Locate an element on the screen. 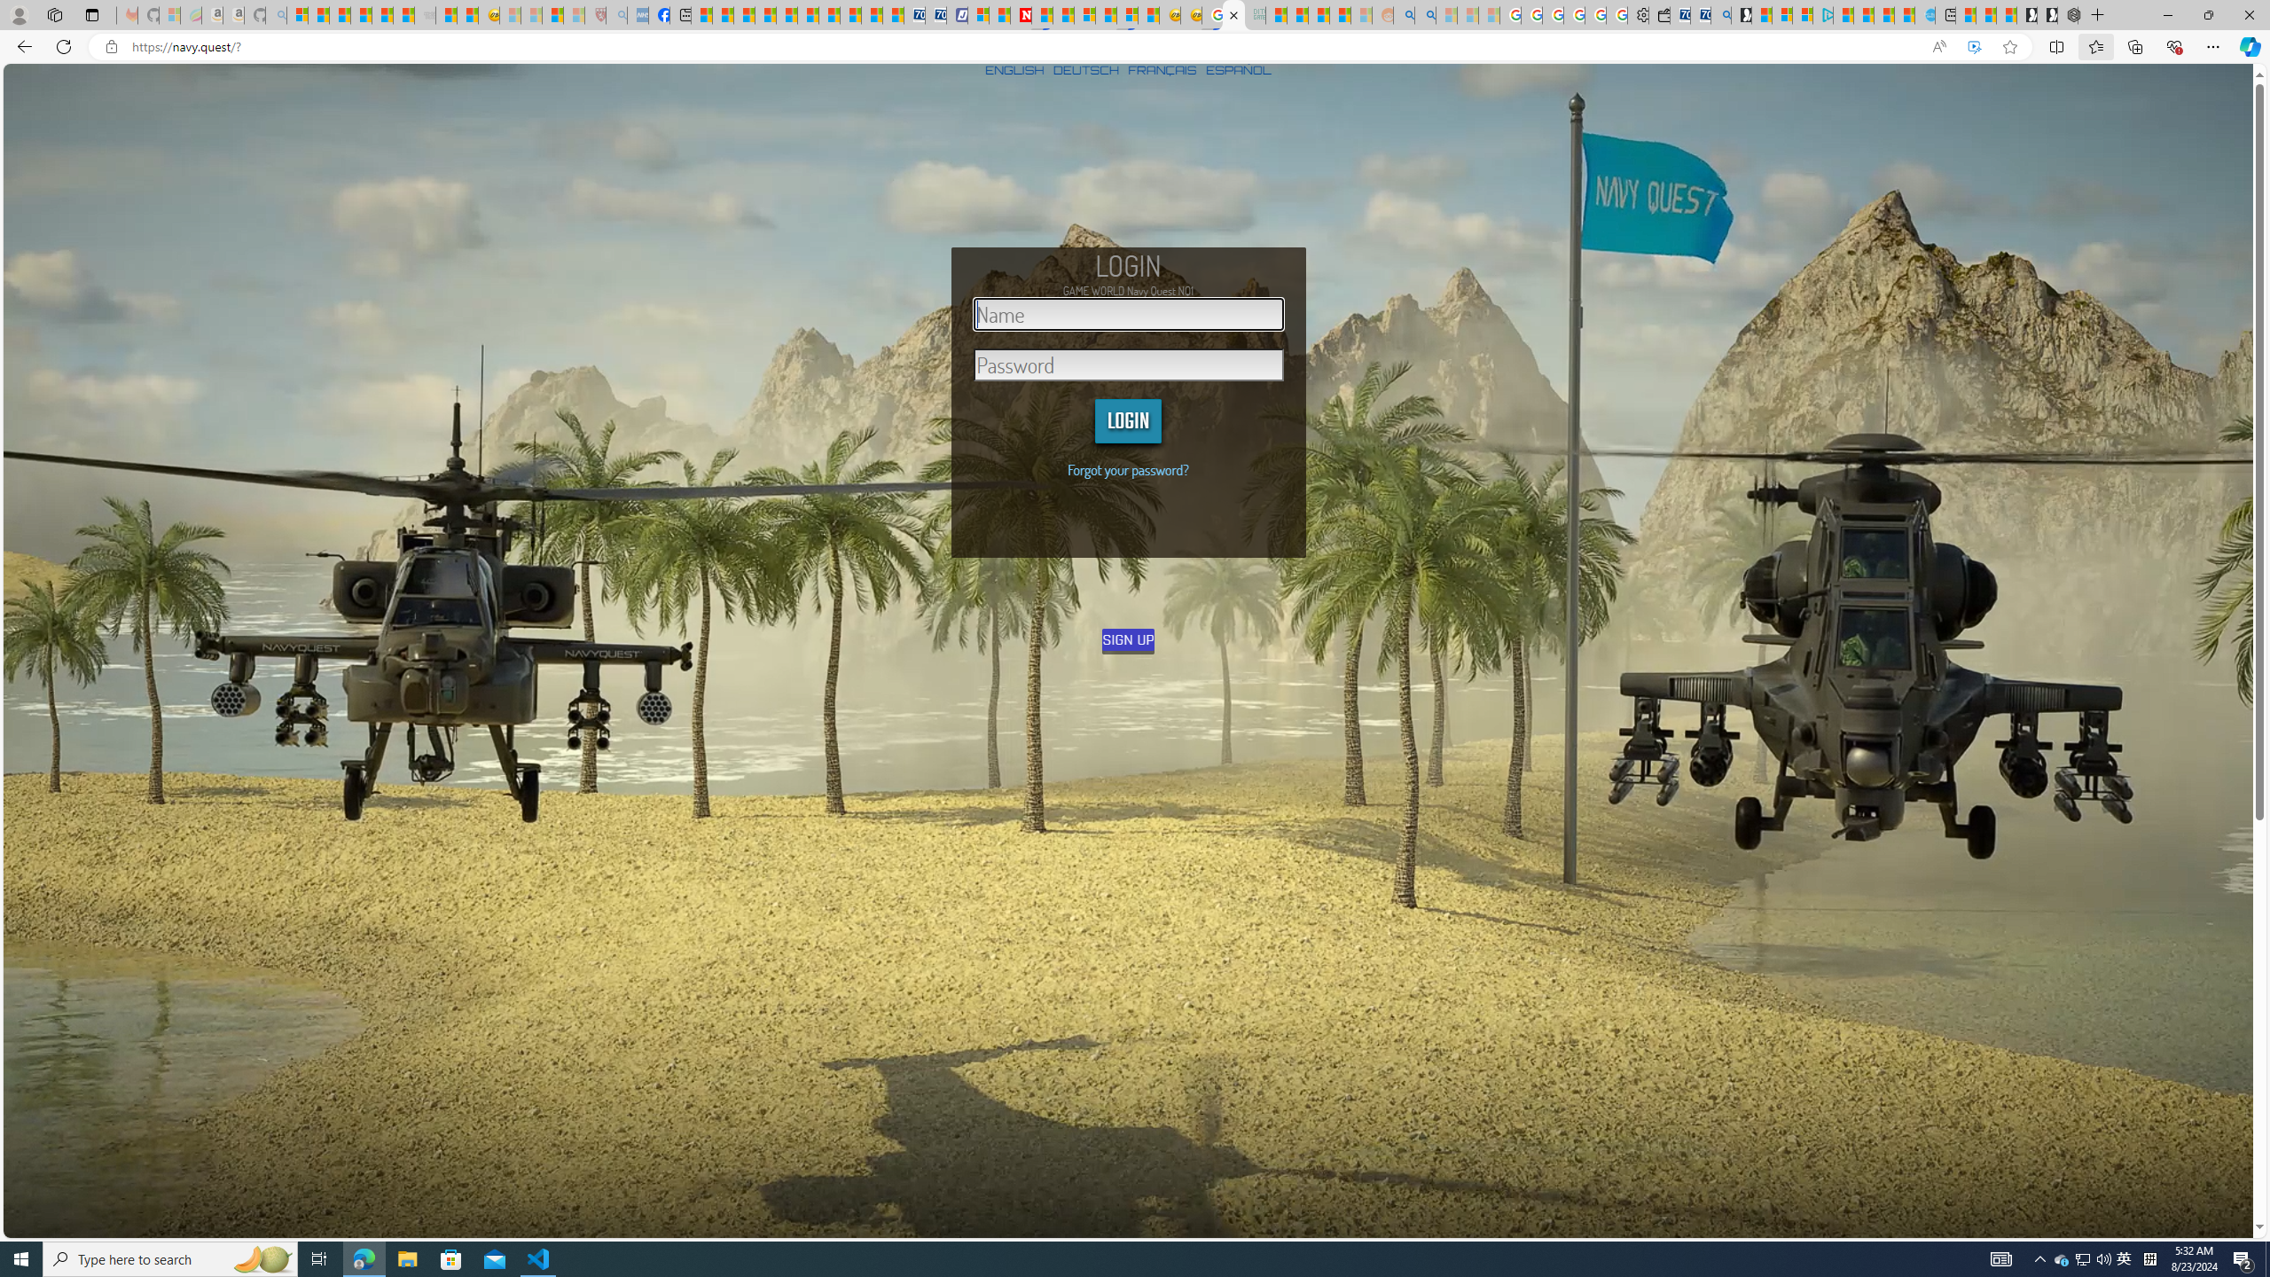 Image resolution: width=2270 pixels, height=1277 pixels. 'Student Loan Update: Forgiveness Program Ends This Month' is located at coordinates (1338, 14).